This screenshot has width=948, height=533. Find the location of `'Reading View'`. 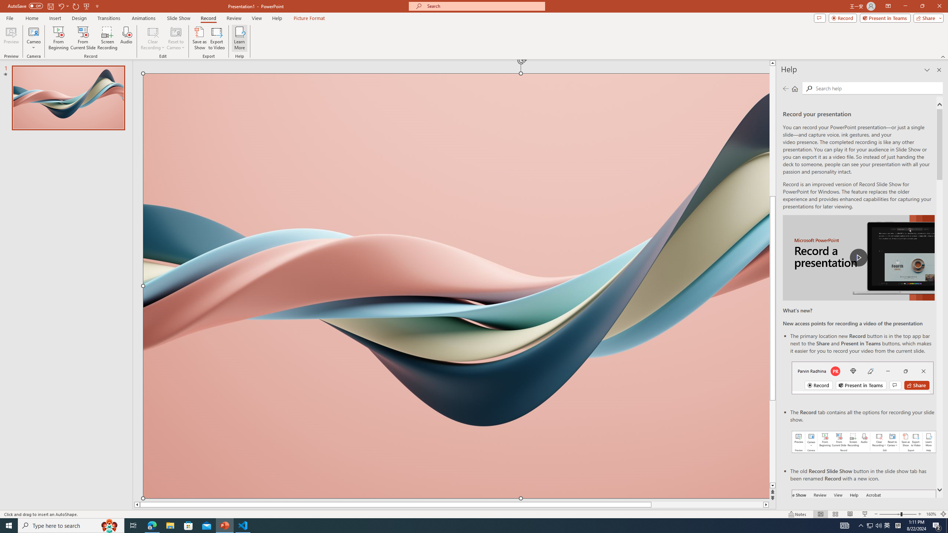

'Reading View' is located at coordinates (850, 514).